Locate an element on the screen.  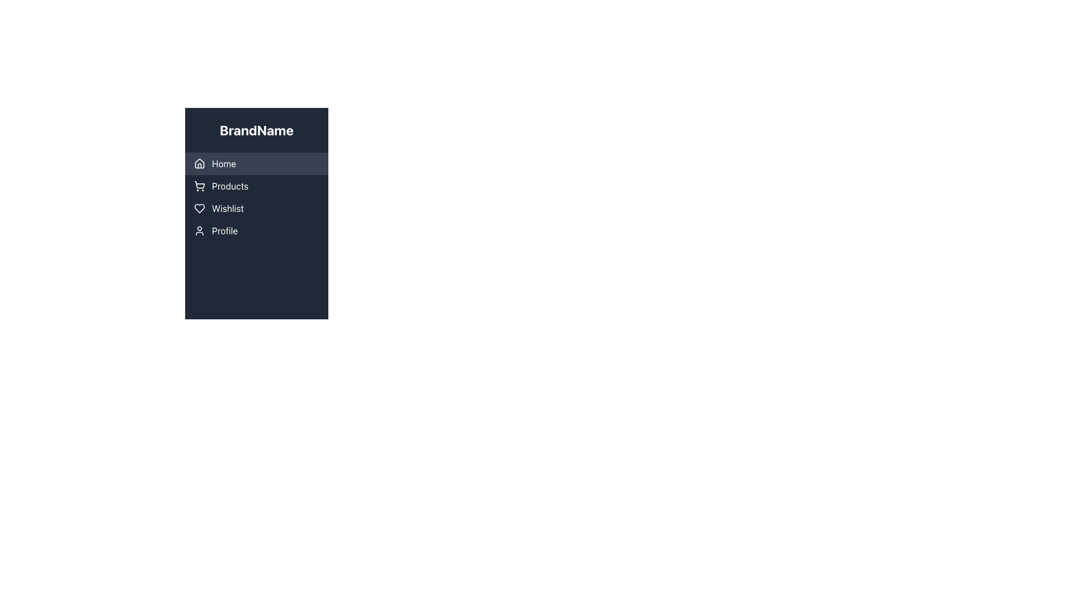
the 'Products' menu item icon located next to the 'Products' label under the 'BrandName' side menu is located at coordinates (200, 184).